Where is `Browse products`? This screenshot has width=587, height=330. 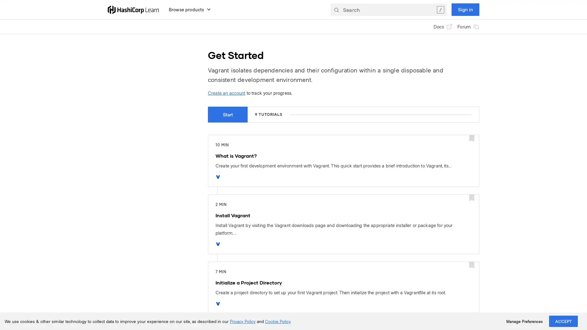
Browse products is located at coordinates (190, 9).